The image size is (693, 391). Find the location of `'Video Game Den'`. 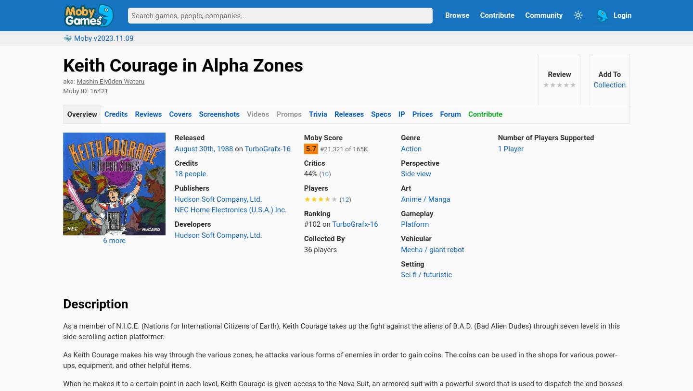

'Video Game Den' is located at coordinates (90, 60).